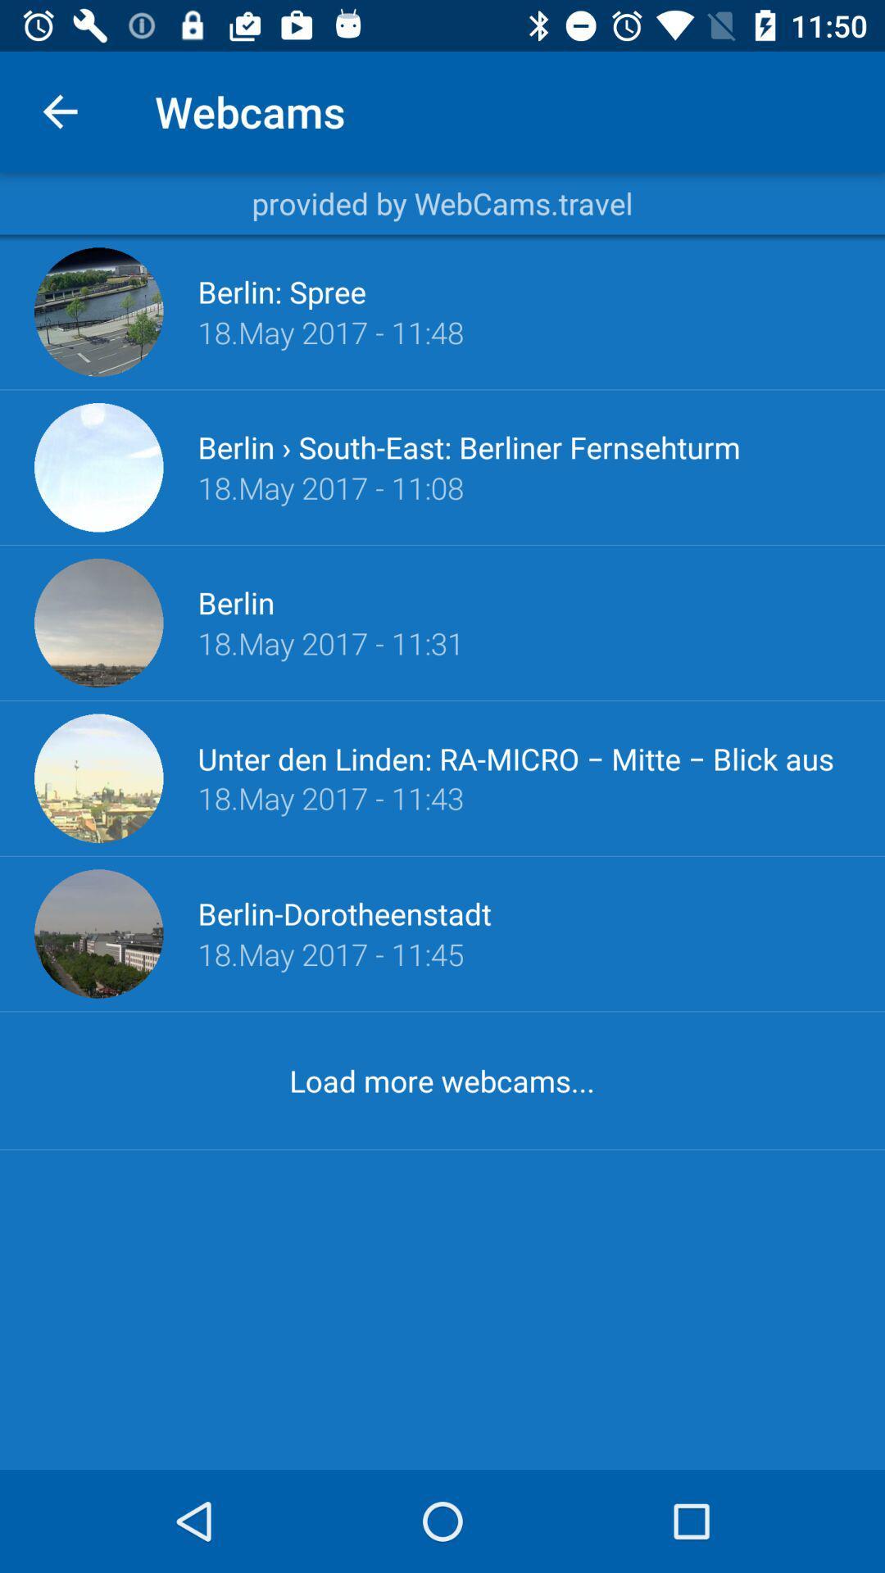  Describe the element at coordinates (343, 913) in the screenshot. I see `the item above 18 may 2017` at that location.